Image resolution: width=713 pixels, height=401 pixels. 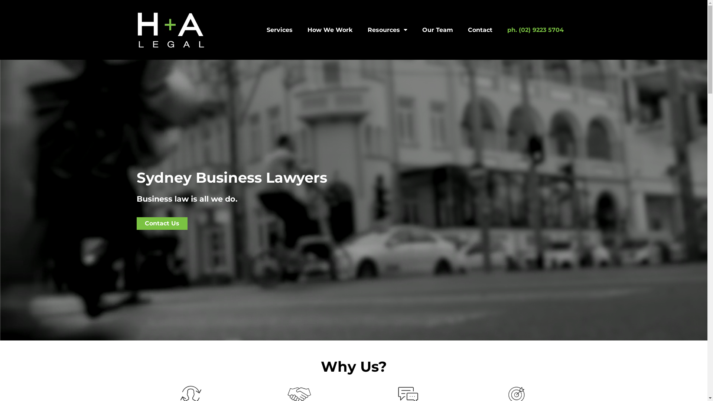 I want to click on 'Contact Us', so click(x=162, y=223).